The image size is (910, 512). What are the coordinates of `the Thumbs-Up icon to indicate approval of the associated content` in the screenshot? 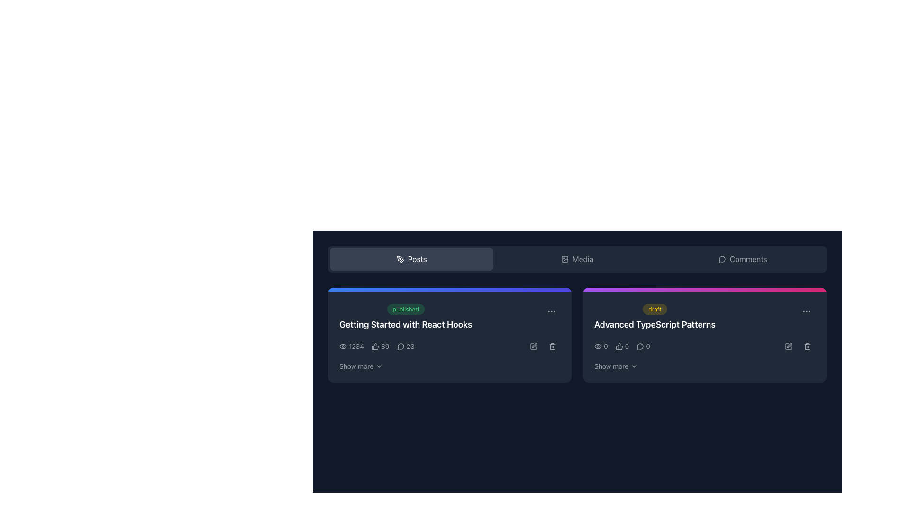 It's located at (619, 347).